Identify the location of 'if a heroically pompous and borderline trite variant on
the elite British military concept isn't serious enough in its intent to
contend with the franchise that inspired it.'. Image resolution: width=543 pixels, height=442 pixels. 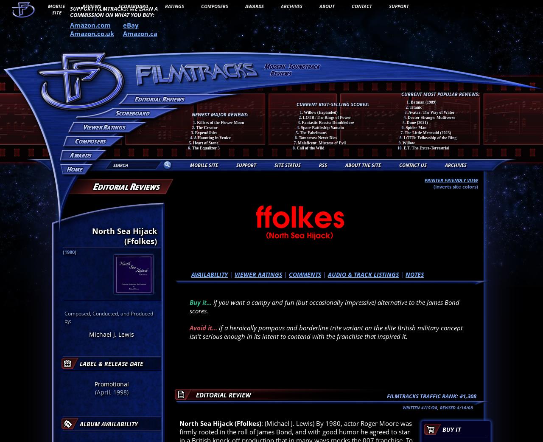
(326, 332).